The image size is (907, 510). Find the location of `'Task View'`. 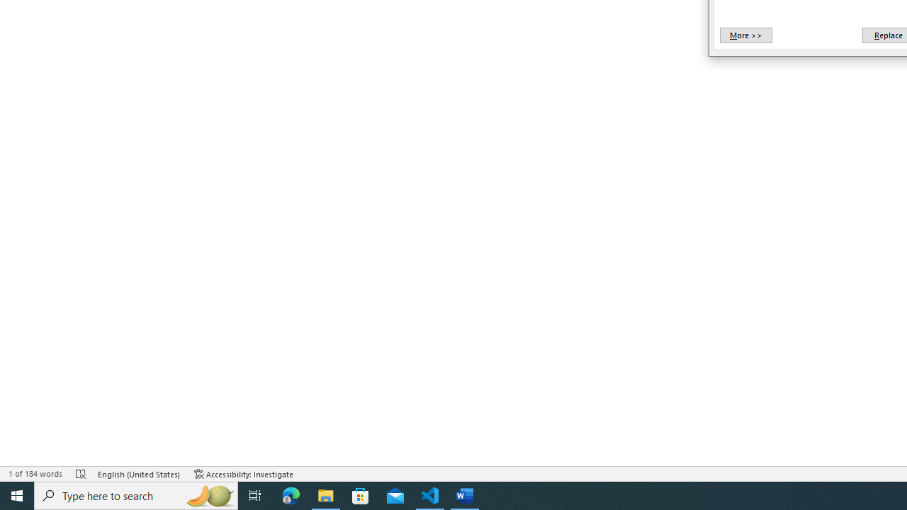

'Task View' is located at coordinates (254, 494).